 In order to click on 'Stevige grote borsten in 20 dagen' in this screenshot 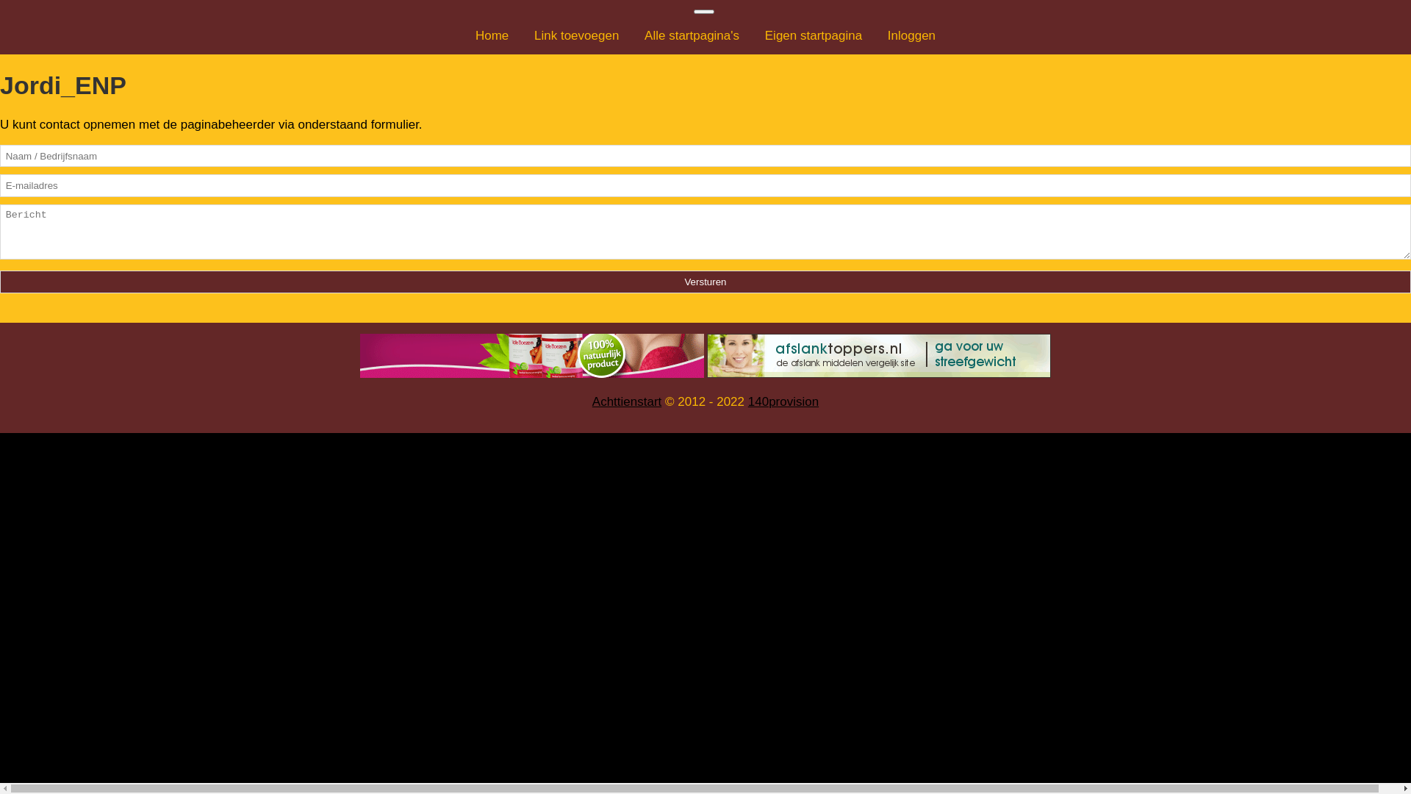, I will do `click(531, 355)`.